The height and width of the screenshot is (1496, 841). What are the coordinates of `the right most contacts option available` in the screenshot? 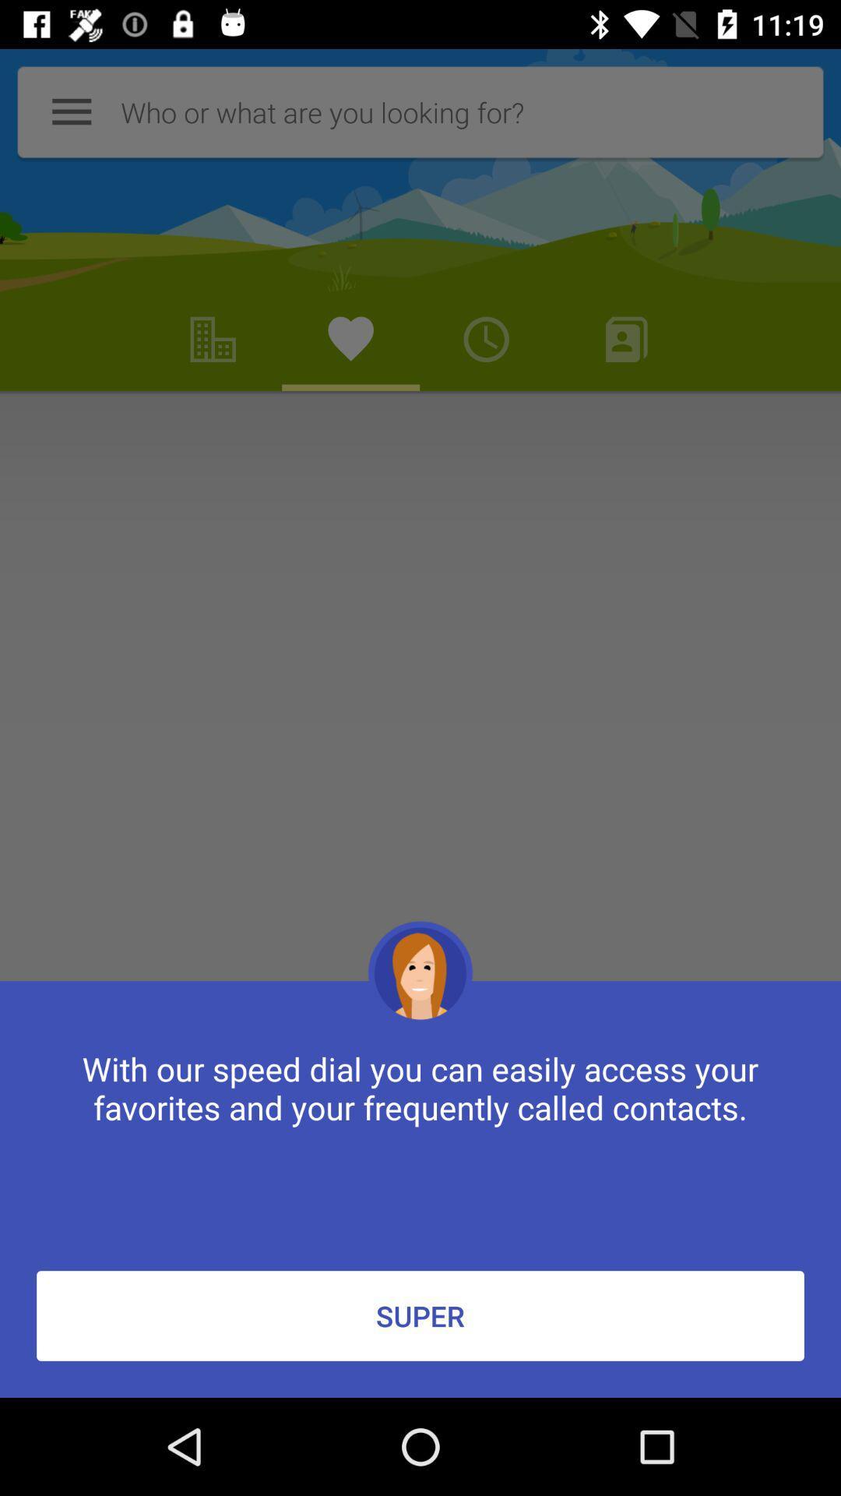 It's located at (626, 339).